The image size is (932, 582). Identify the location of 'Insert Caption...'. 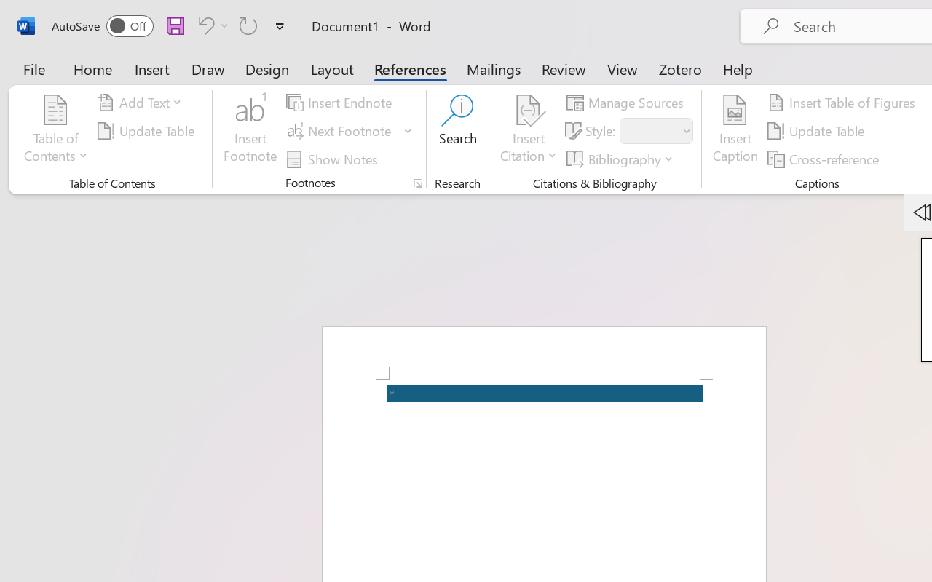
(735, 130).